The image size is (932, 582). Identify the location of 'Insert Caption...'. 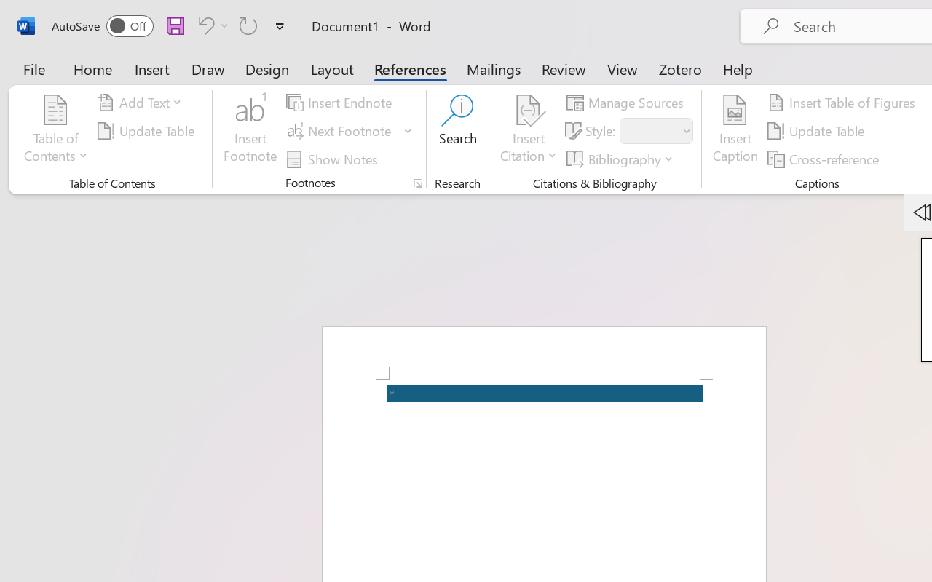
(735, 130).